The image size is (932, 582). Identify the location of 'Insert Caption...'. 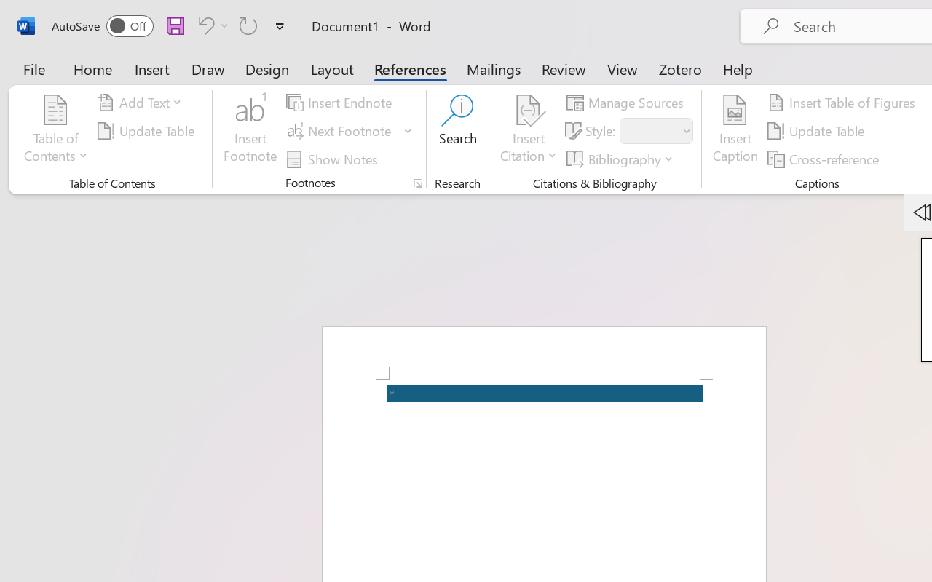
(735, 130).